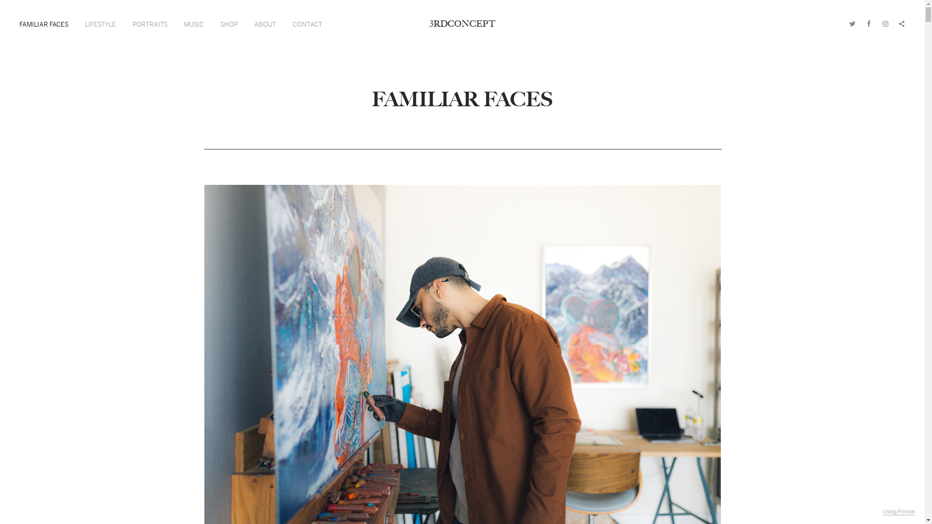  What do you see at coordinates (149, 24) in the screenshot?
I see `'PORTRAITS'` at bounding box center [149, 24].